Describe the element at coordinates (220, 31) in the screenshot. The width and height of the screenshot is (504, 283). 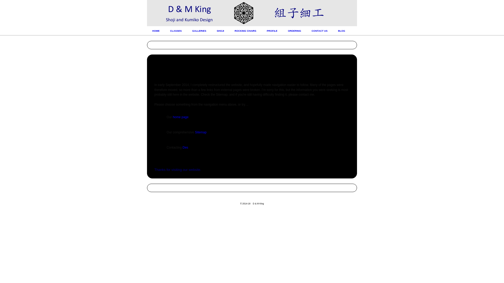
I see `'SHOJI'` at that location.